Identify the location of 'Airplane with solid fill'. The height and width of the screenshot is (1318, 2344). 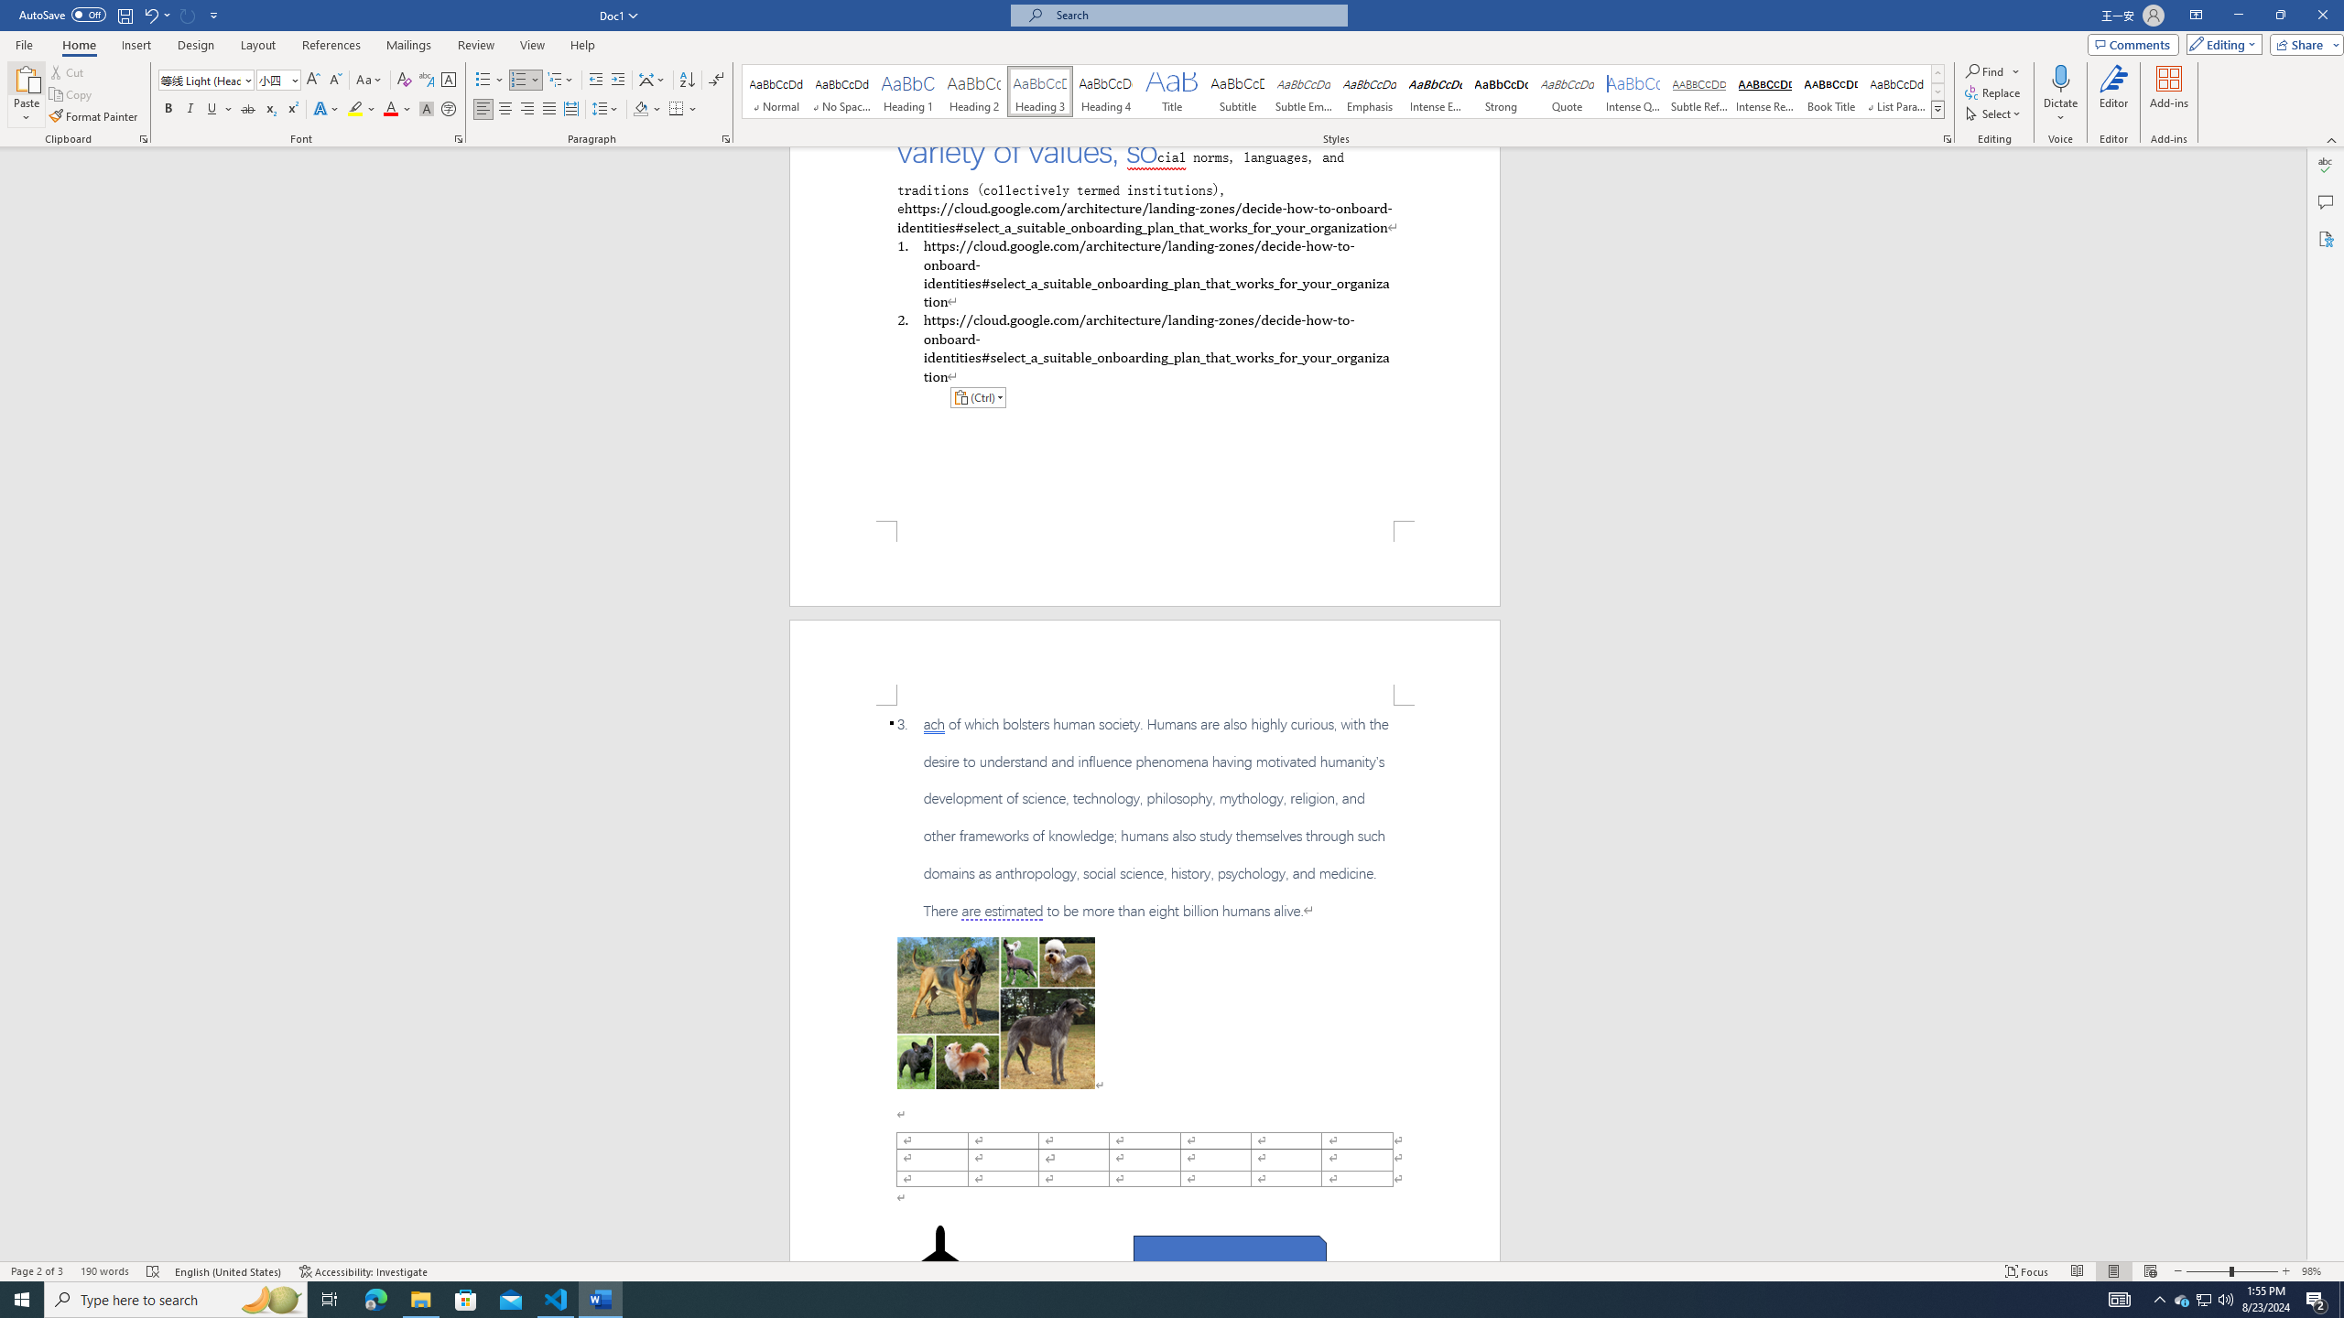
(940, 1261).